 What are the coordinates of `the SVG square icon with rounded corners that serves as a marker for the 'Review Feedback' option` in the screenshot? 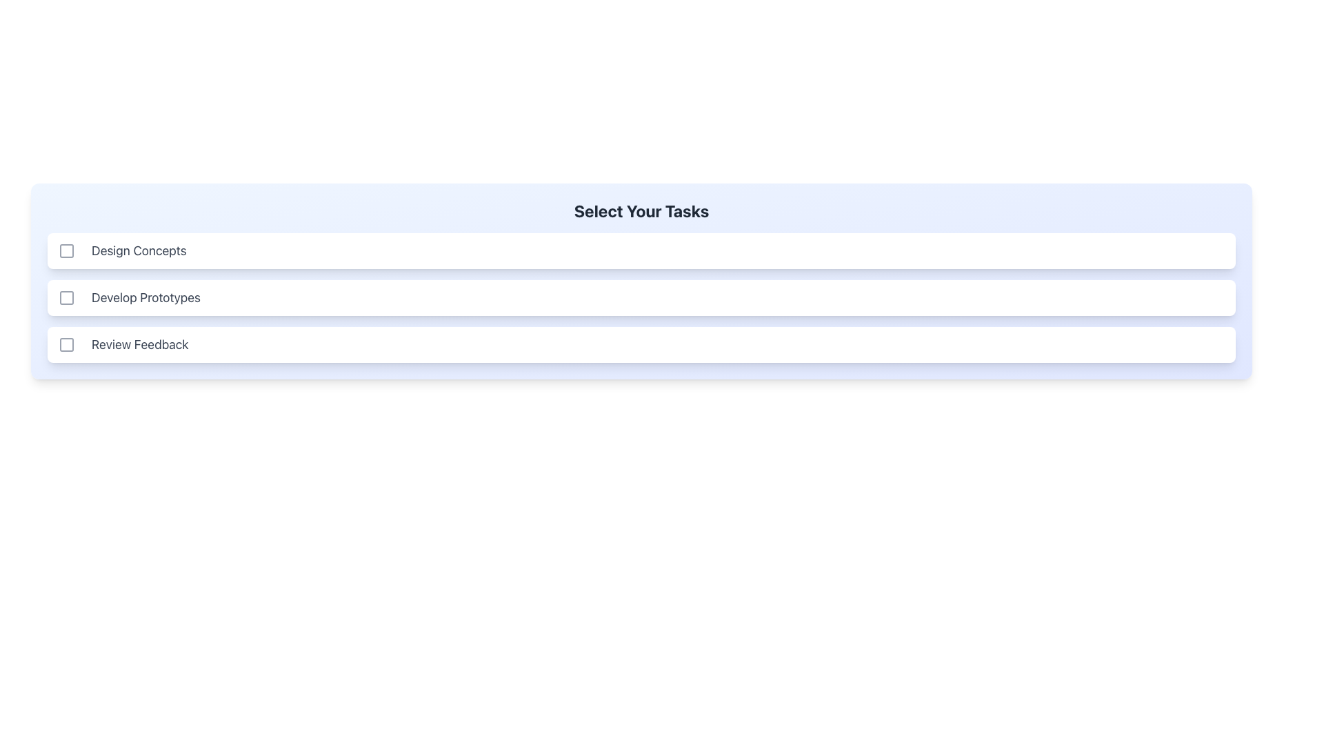 It's located at (66, 344).